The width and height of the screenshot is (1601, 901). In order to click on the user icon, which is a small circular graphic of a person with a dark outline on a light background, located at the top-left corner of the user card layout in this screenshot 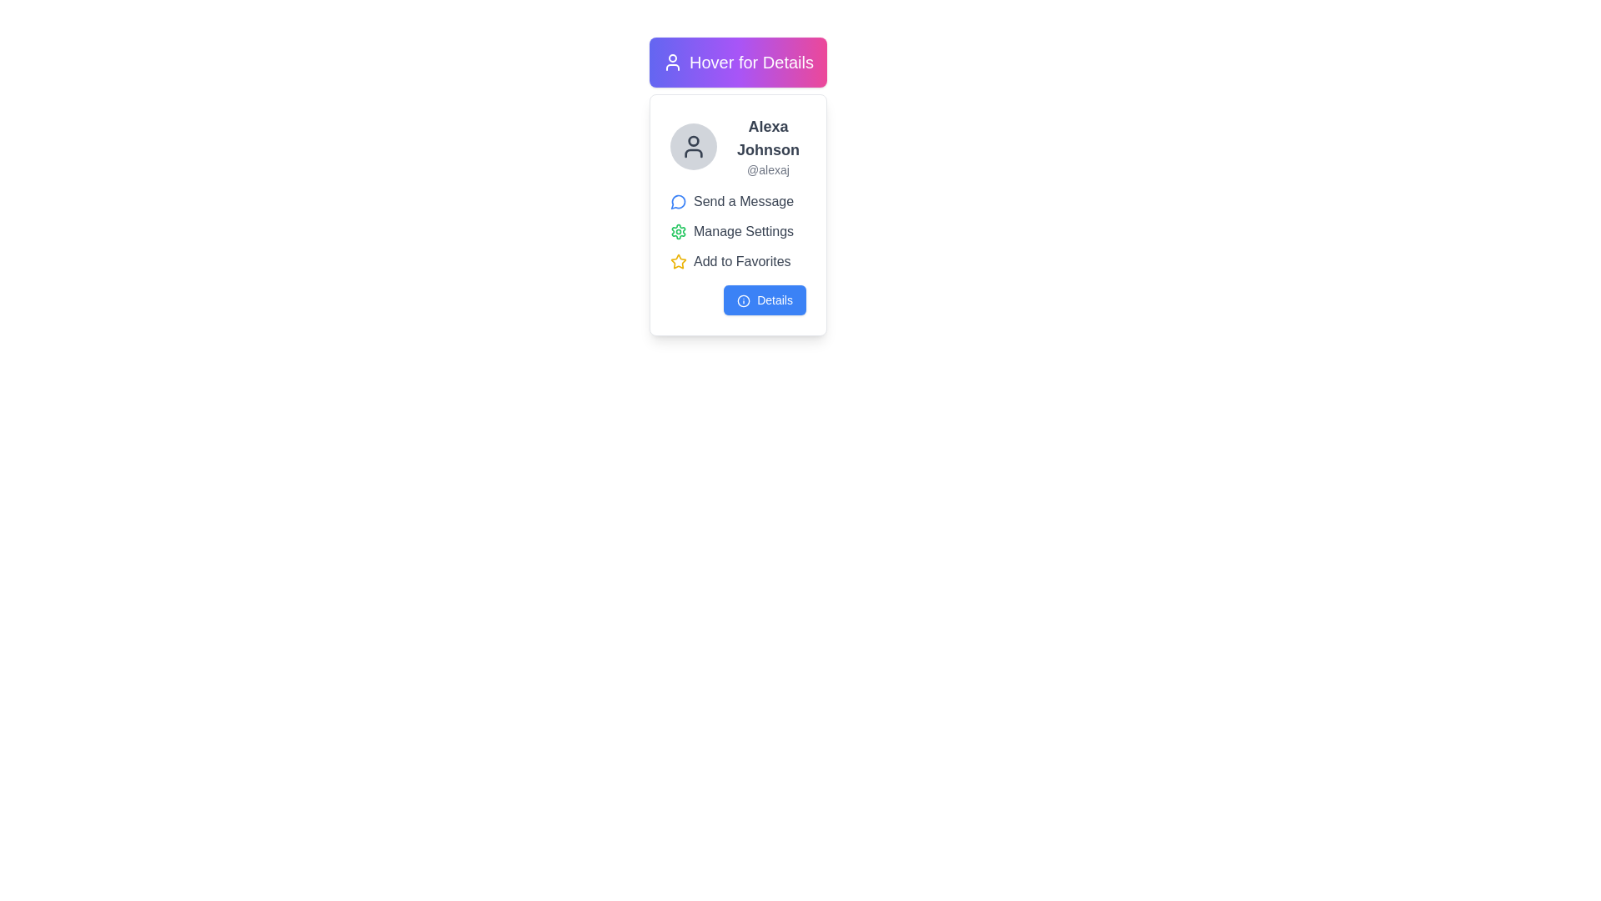, I will do `click(693, 146)`.